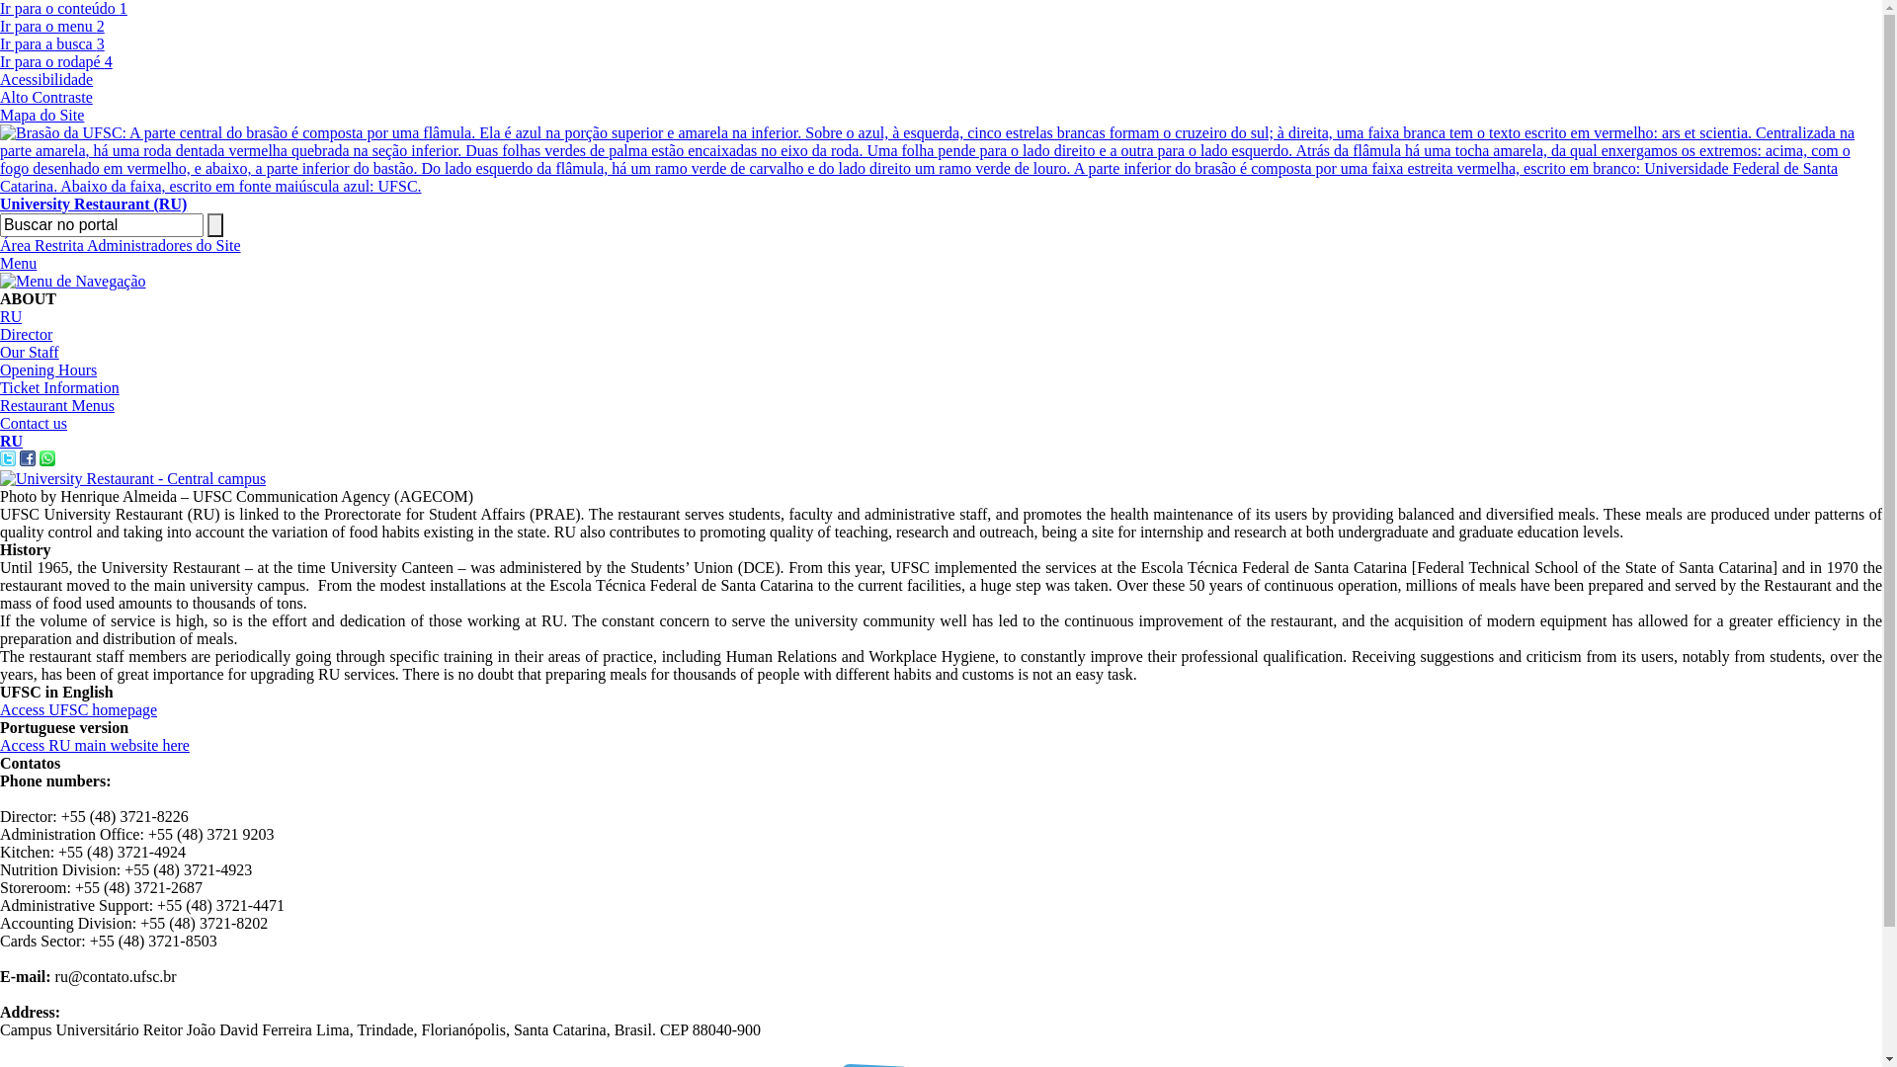 This screenshot has width=1897, height=1067. What do you see at coordinates (18, 262) in the screenshot?
I see `'Menu'` at bounding box center [18, 262].